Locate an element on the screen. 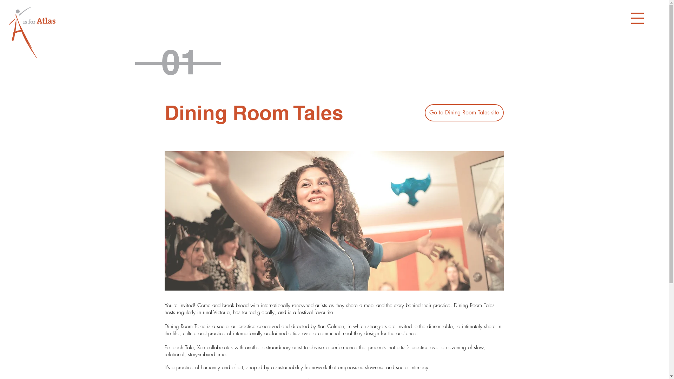 Image resolution: width=674 pixels, height=379 pixels. 'Go to Dining Room Tales site' is located at coordinates (424, 112).